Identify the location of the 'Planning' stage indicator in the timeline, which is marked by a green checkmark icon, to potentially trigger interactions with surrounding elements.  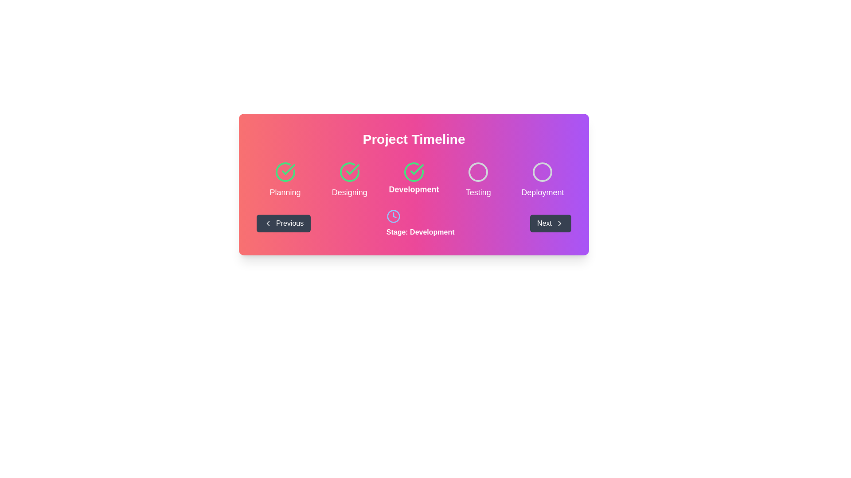
(285, 180).